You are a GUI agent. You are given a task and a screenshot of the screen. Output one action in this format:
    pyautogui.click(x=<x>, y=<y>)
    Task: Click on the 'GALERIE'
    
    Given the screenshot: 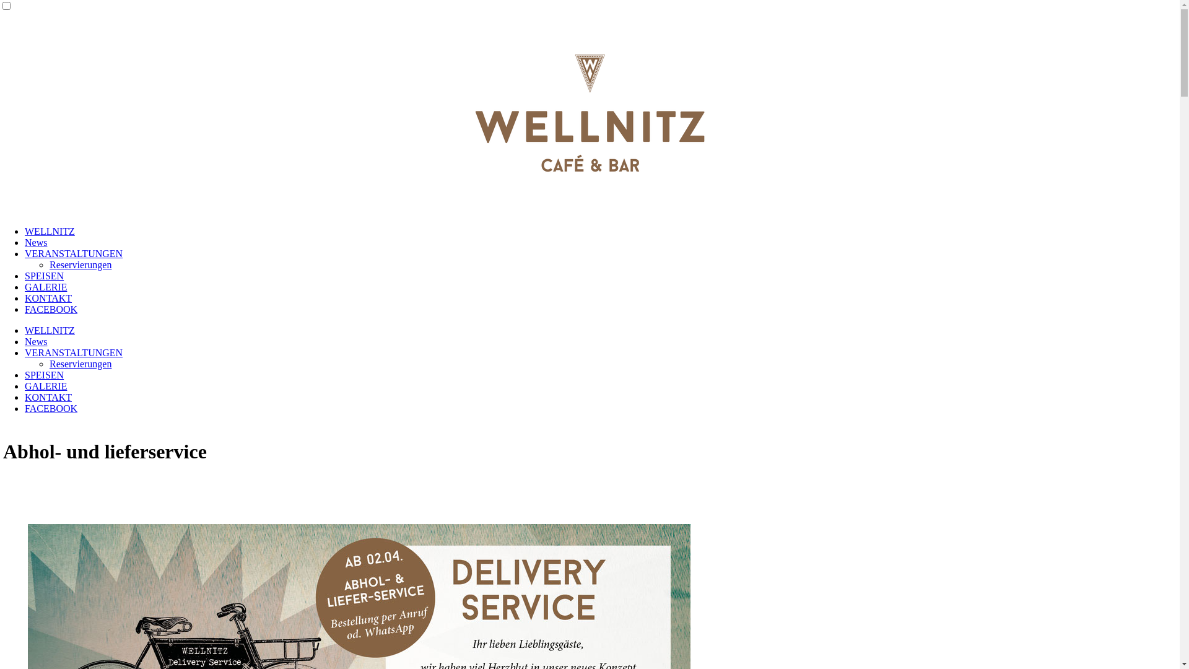 What is the action you would take?
    pyautogui.click(x=45, y=287)
    